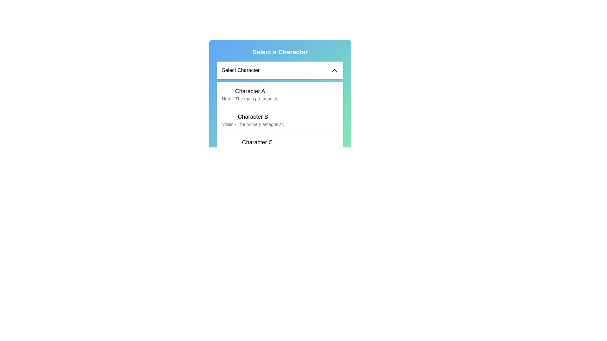  What do you see at coordinates (257, 146) in the screenshot?
I see `the third list item displaying 'Character C'` at bounding box center [257, 146].